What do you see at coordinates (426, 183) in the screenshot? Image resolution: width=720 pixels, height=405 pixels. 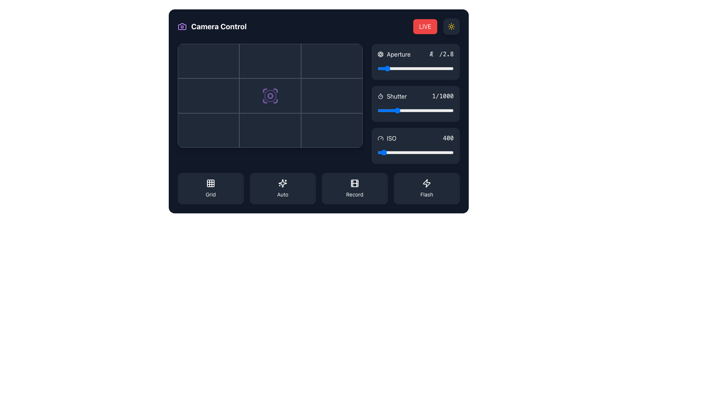 I see `the flash icon located in the bottom-right button of the grid` at bounding box center [426, 183].